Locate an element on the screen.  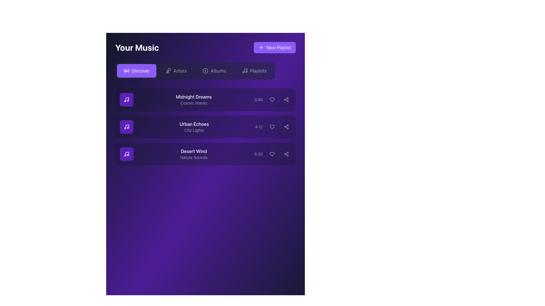
the heart icon button outlined in white on a purple background, which indicates a favorite or like action is located at coordinates (272, 99).